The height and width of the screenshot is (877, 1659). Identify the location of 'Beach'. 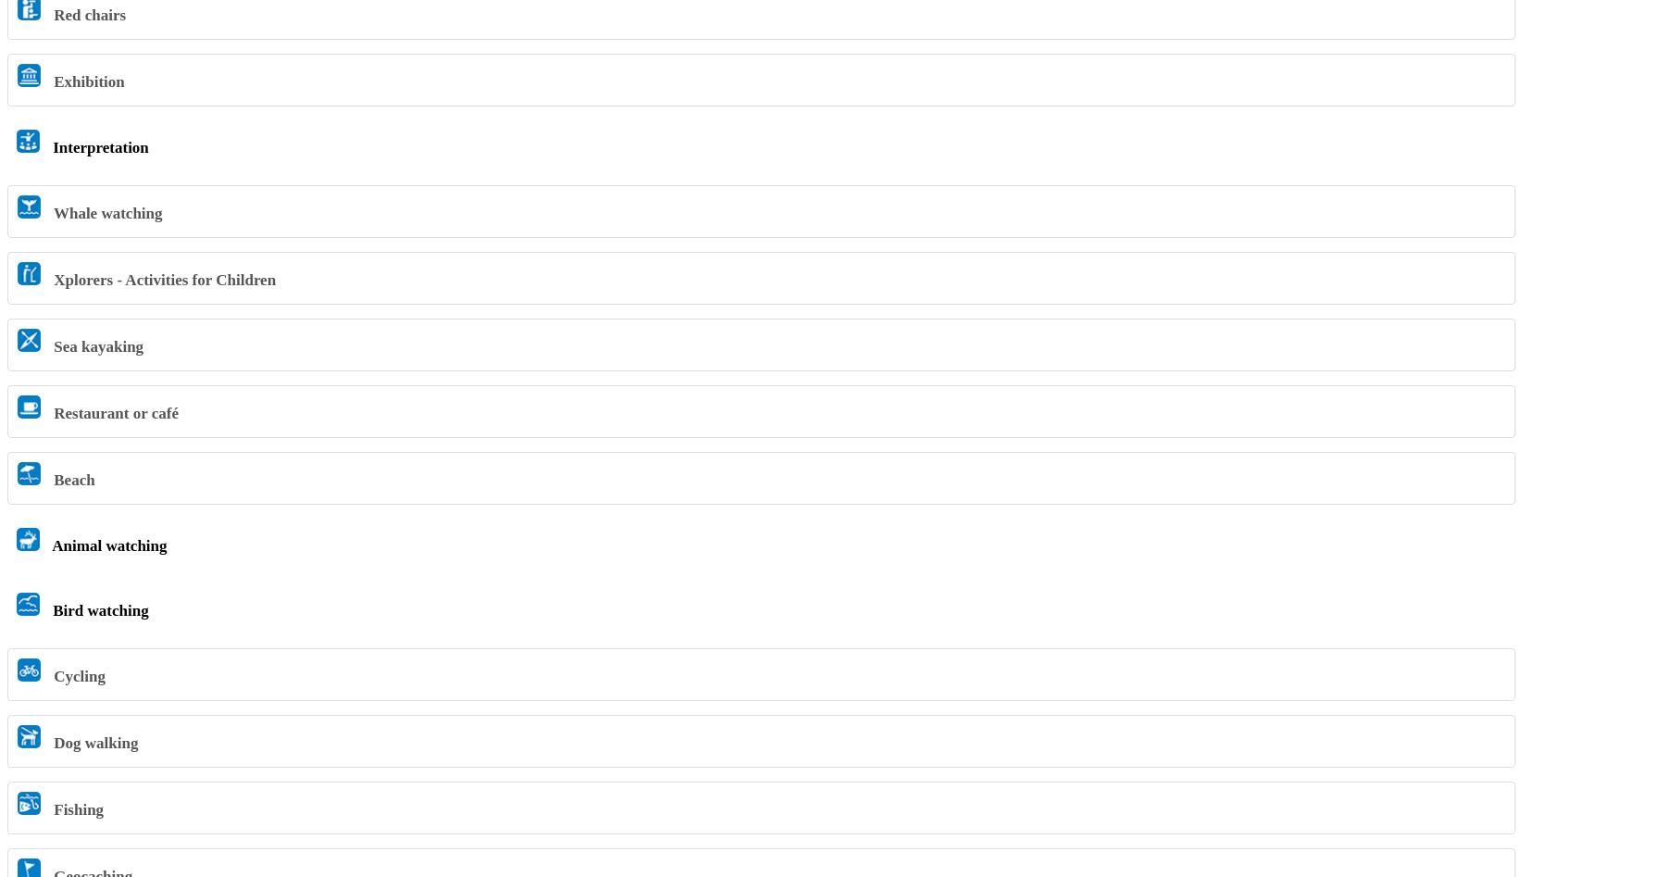
(71, 478).